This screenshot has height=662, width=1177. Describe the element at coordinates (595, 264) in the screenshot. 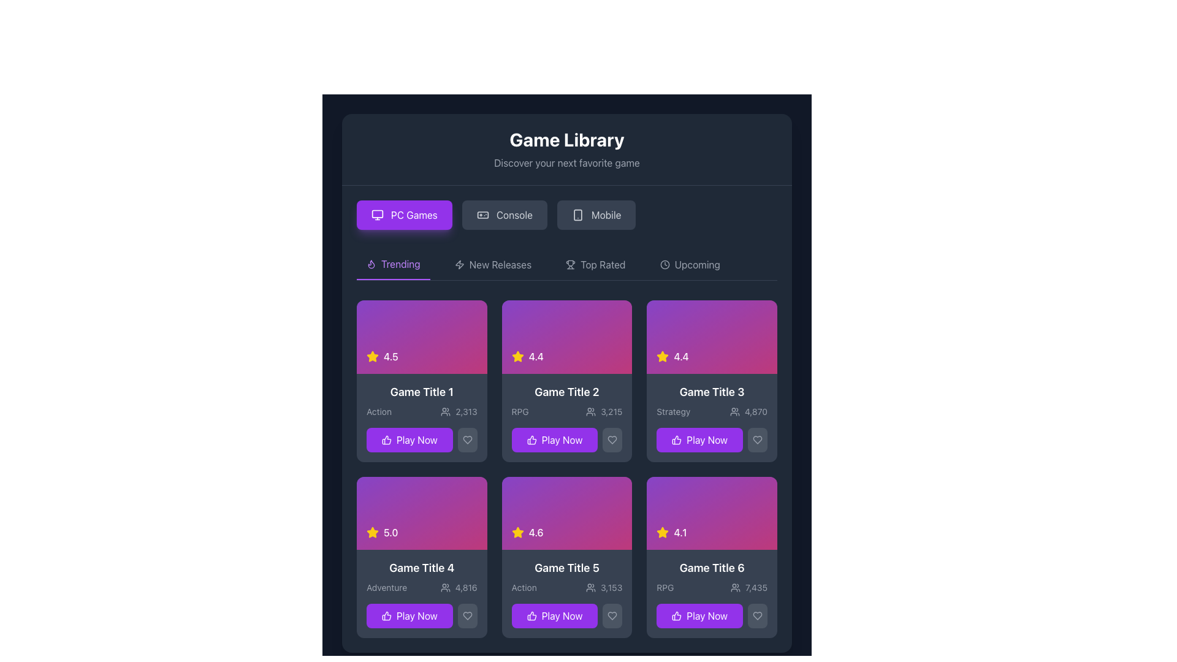

I see `the 'Top Rated' button in the navigation bar under the 'Game Library' header` at that location.